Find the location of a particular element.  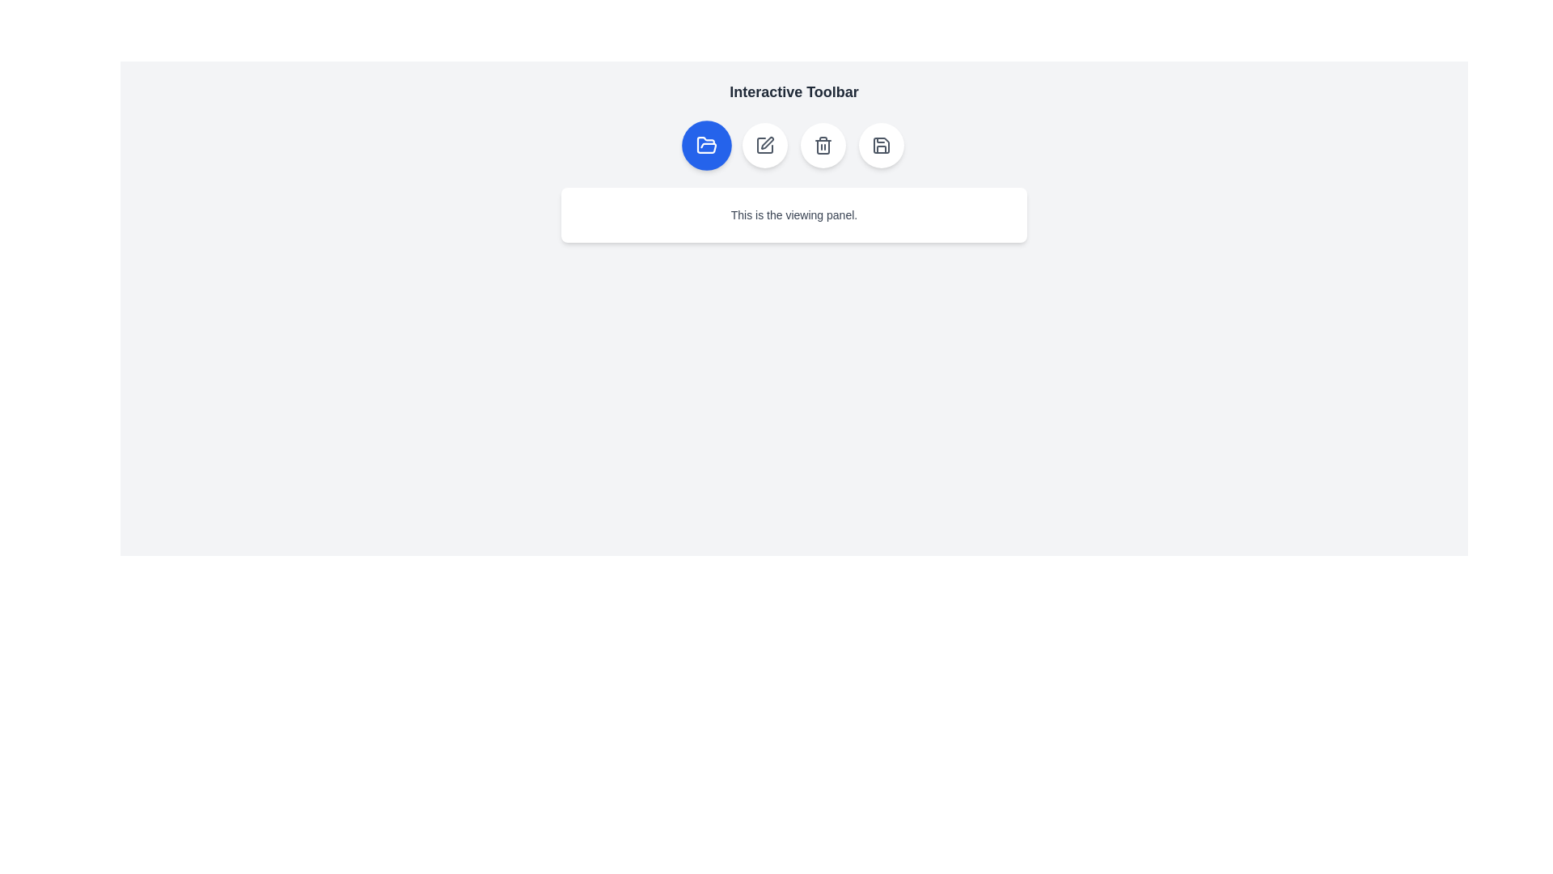

the Icon Button used for saving work, located in the fourth slot of the toolbar after folder, edit, and delete icons is located at coordinates (880, 146).